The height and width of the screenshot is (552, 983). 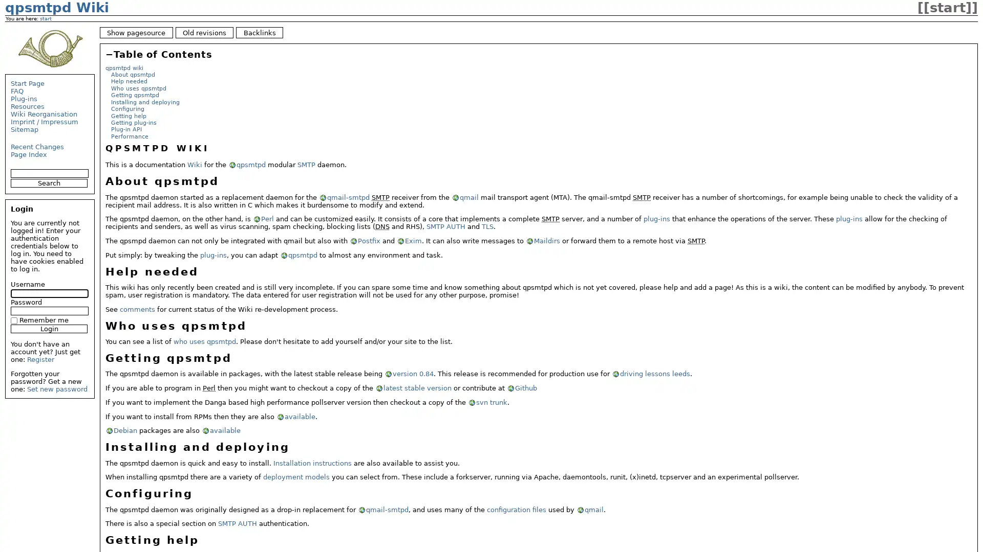 What do you see at coordinates (49, 182) in the screenshot?
I see `Search` at bounding box center [49, 182].